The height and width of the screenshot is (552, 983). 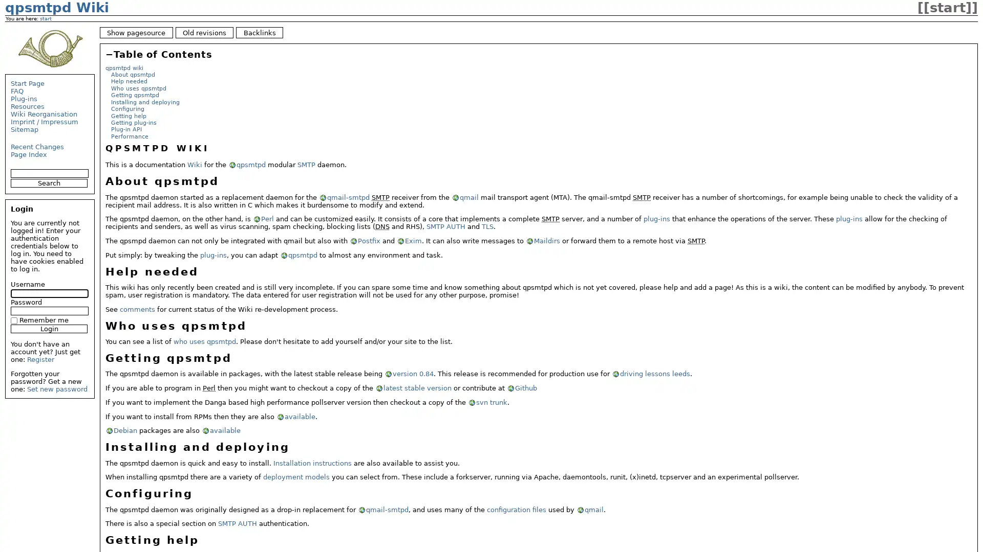 What do you see at coordinates (49, 182) in the screenshot?
I see `Search` at bounding box center [49, 182].